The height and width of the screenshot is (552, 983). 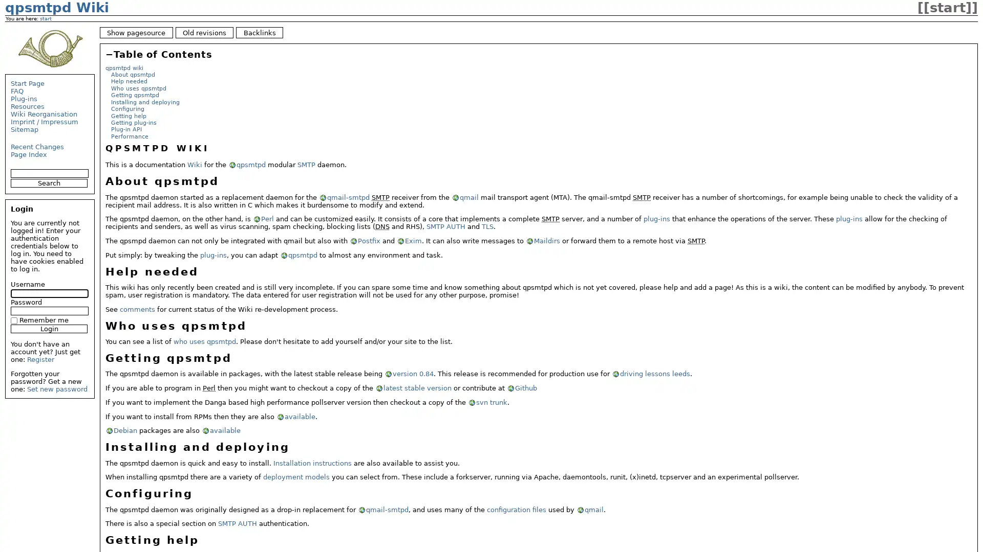 What do you see at coordinates (49, 182) in the screenshot?
I see `Search` at bounding box center [49, 182].